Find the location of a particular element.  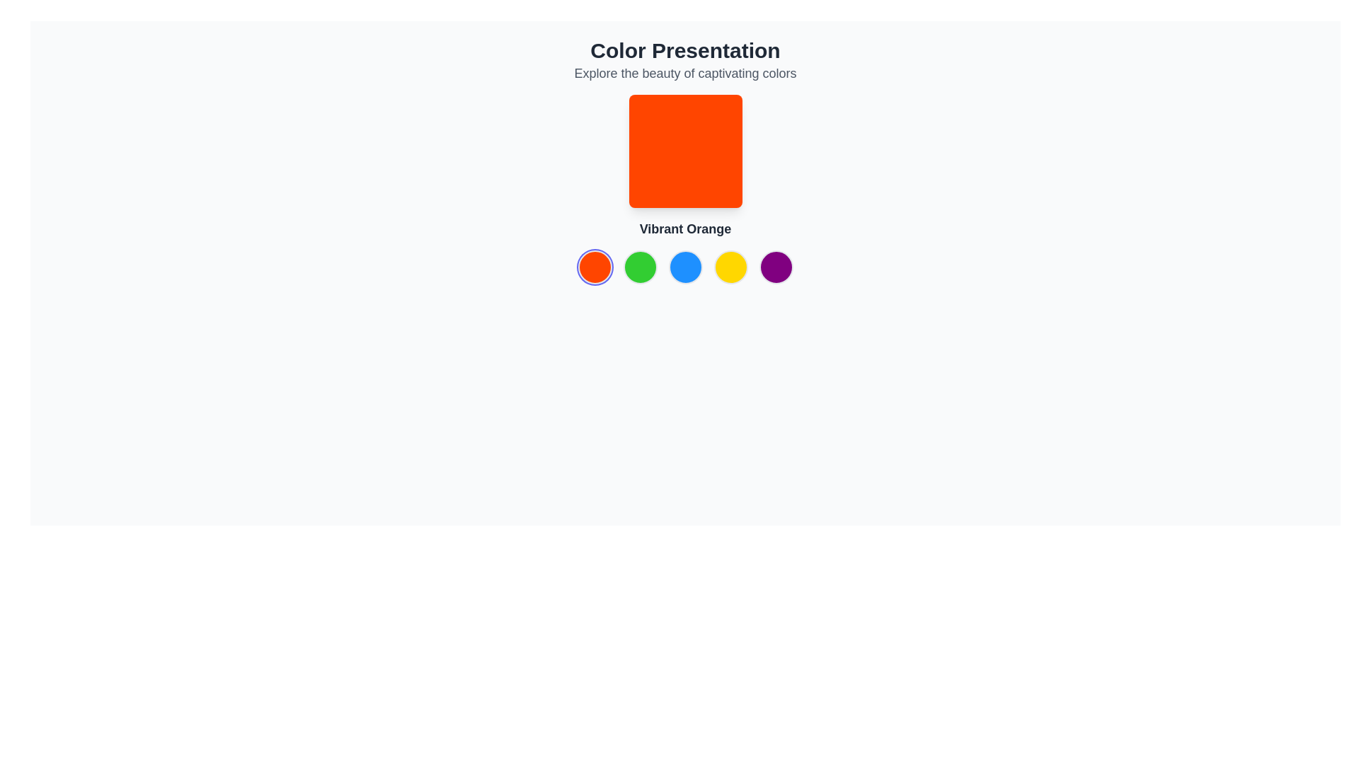

the golden yellow color button to observe the focus effect is located at coordinates (730, 267).